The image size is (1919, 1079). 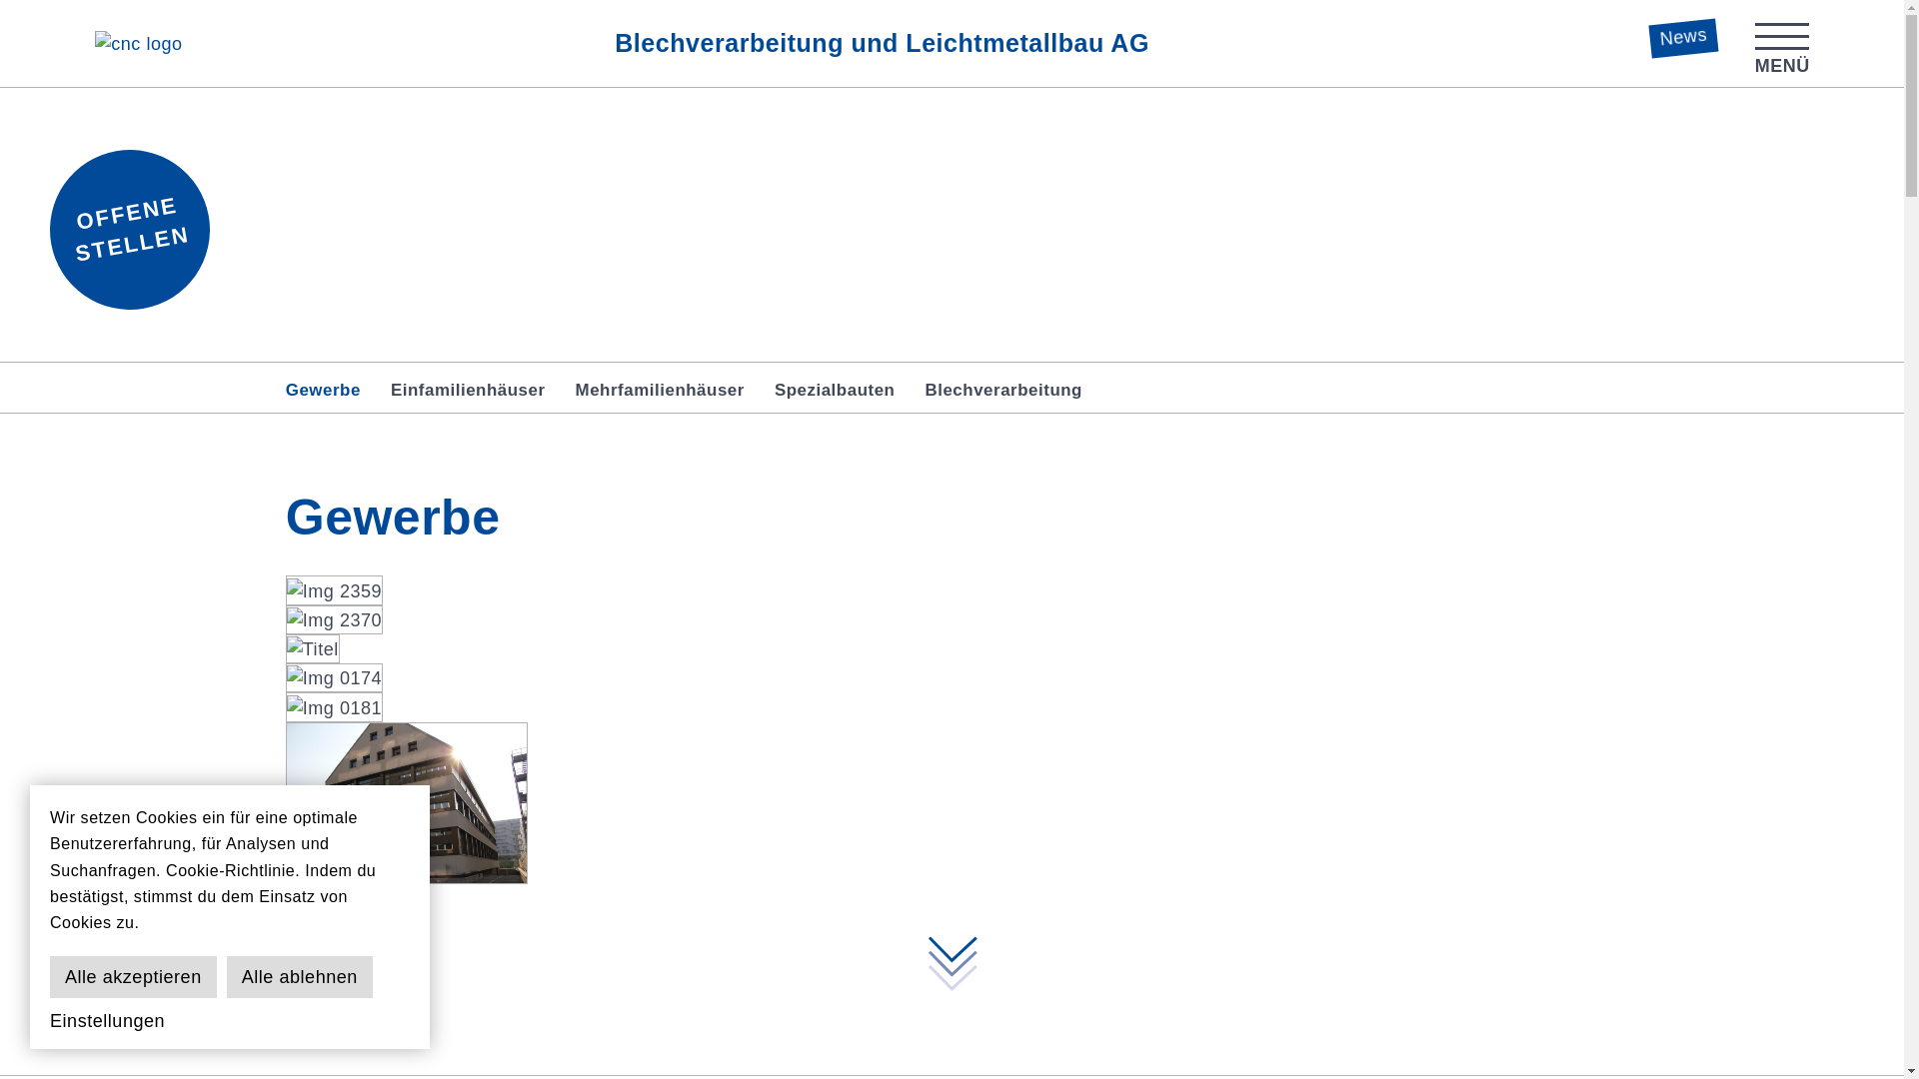 What do you see at coordinates (1681, 34) in the screenshot?
I see `'News'` at bounding box center [1681, 34].